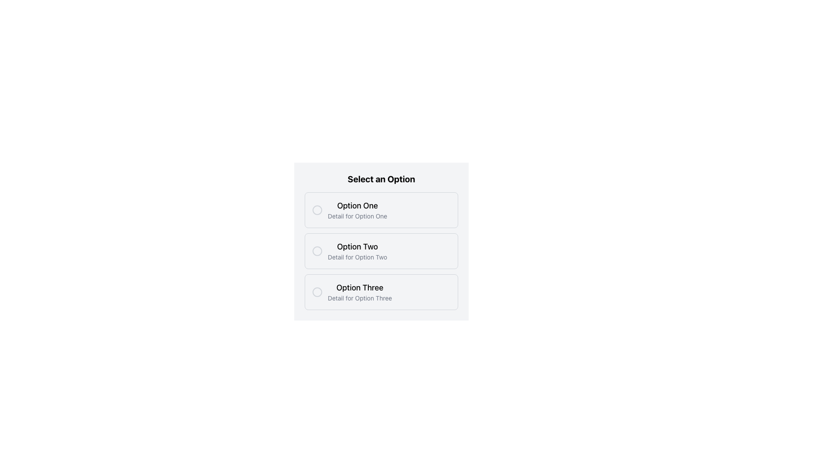 This screenshot has width=837, height=471. Describe the element at coordinates (381, 242) in the screenshot. I see `the Selectable Option Card for 'Option Two', which is the second card in a vertical stack of three selectable options` at that location.